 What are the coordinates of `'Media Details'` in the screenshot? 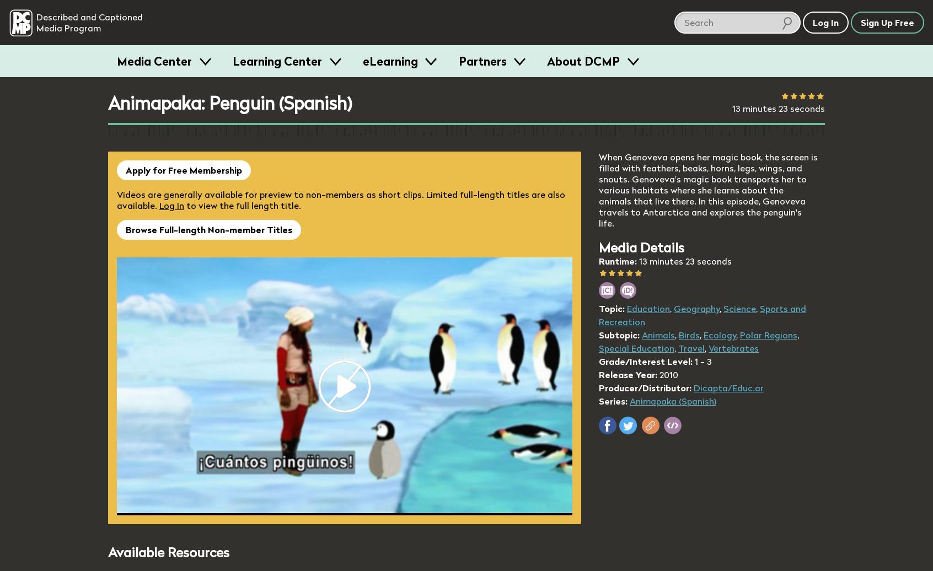 It's located at (641, 247).